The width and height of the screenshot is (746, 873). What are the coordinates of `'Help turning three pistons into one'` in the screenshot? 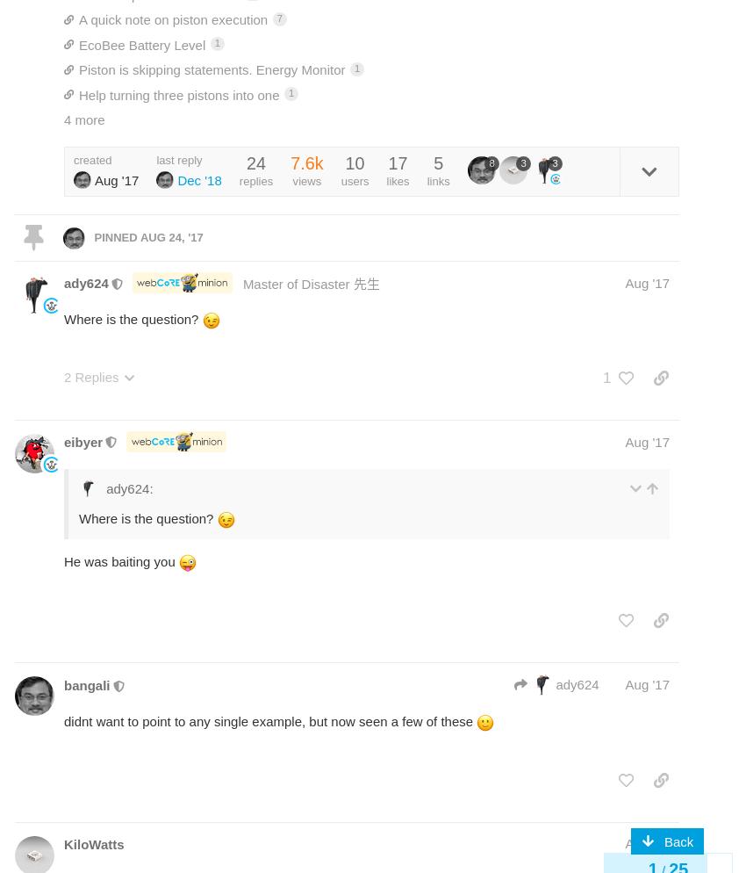 It's located at (78, 93).